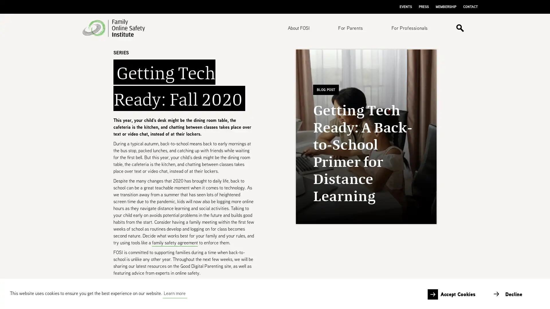  What do you see at coordinates (508, 294) in the screenshot?
I see `deny cookies` at bounding box center [508, 294].